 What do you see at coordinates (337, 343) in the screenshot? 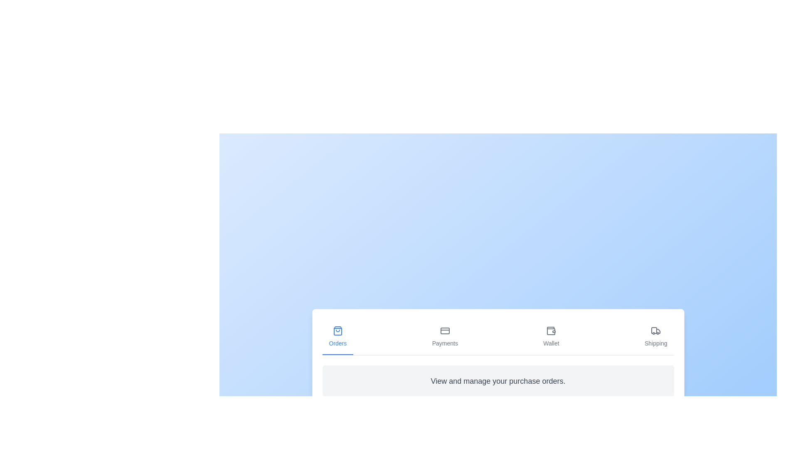
I see `the 'Orders' label text, which is styled in thin, blue letters and positioned below a shopping bag icon in the leftmost section of the horizontal menu` at bounding box center [337, 343].